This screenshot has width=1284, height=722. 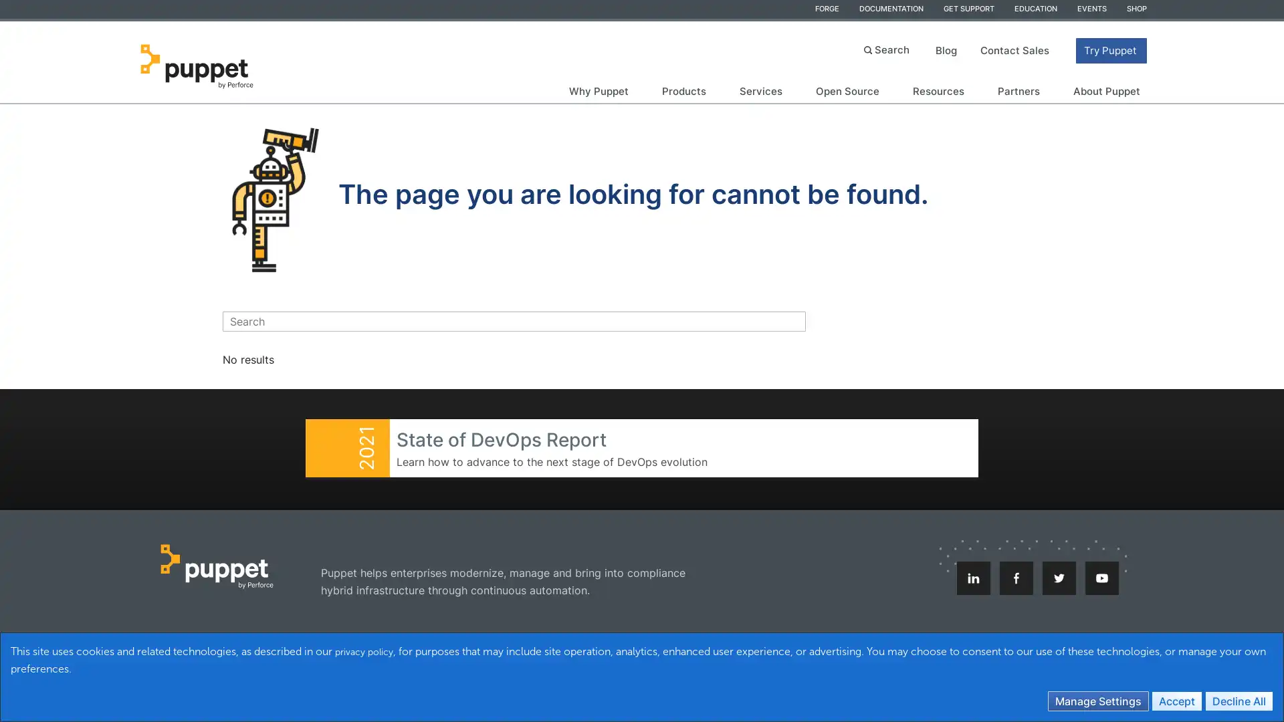 I want to click on Accept, so click(x=1177, y=700).